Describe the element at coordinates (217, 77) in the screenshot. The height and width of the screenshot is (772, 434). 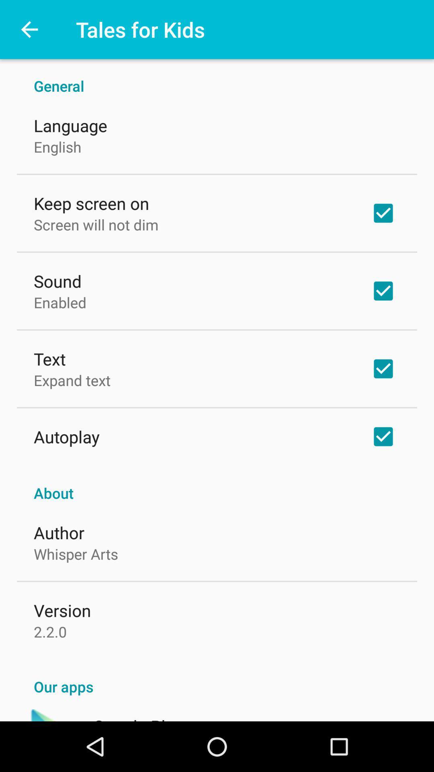
I see `the general at the top` at that location.